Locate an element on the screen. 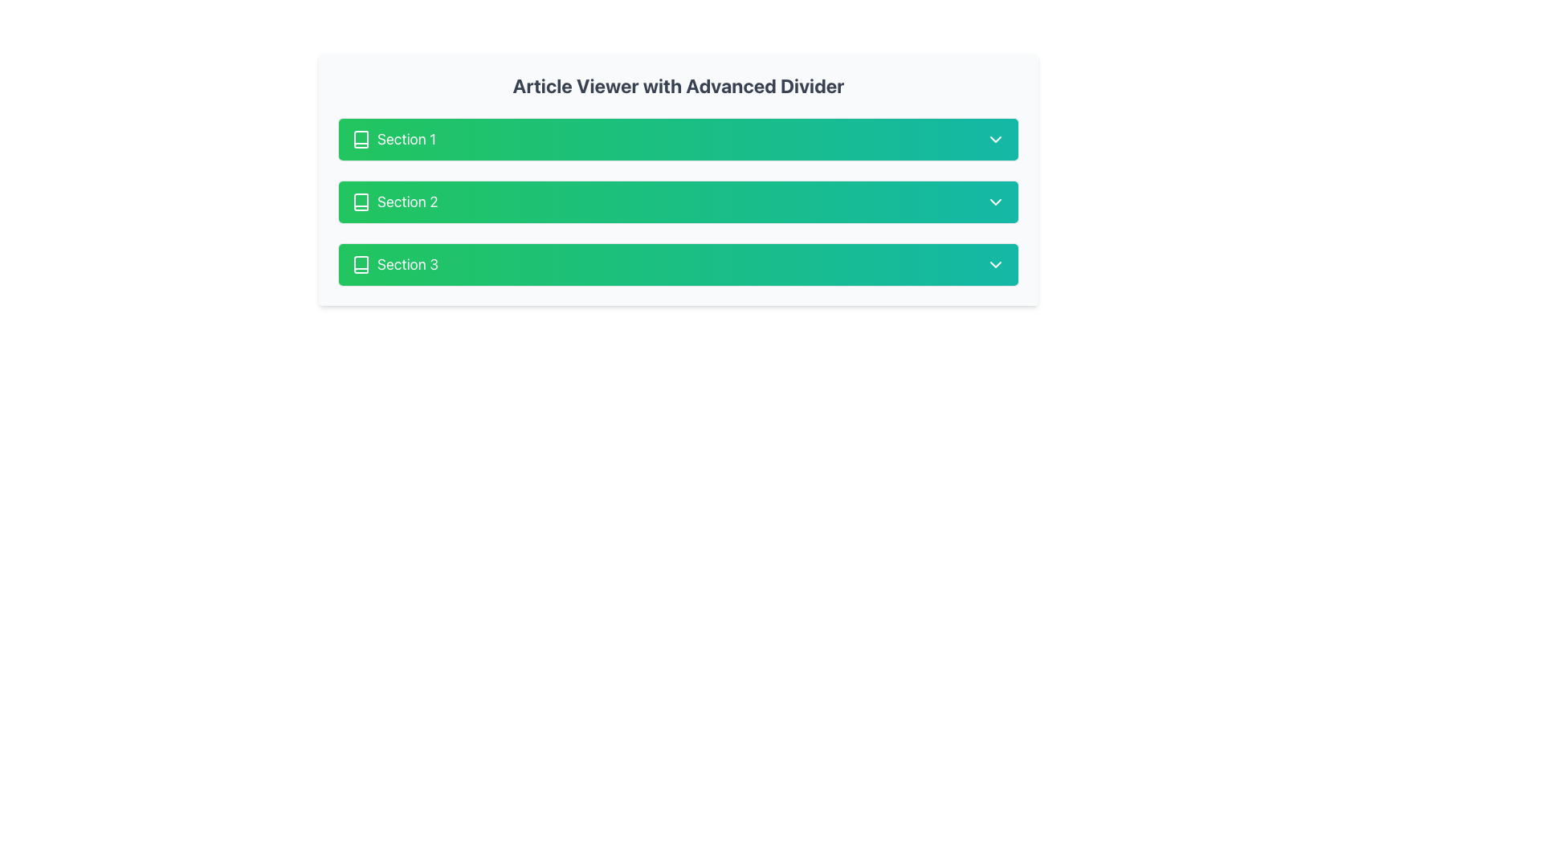 The image size is (1542, 867). the small vector icon depicting a book, which is located to the left of the text 'Section 2' within the green rectangular area labeled 'Section 2' is located at coordinates (361, 201).